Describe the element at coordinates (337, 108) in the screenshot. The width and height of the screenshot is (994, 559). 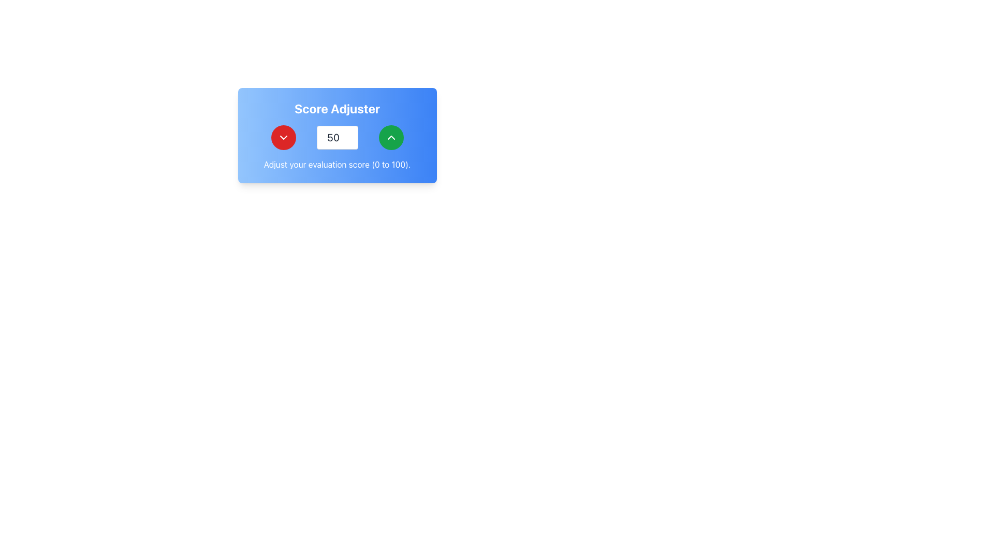
I see `title text 'Score Adjuster' which is styled as a large, bold, white font and located at the top of the card-like element with a gradient blue background` at that location.